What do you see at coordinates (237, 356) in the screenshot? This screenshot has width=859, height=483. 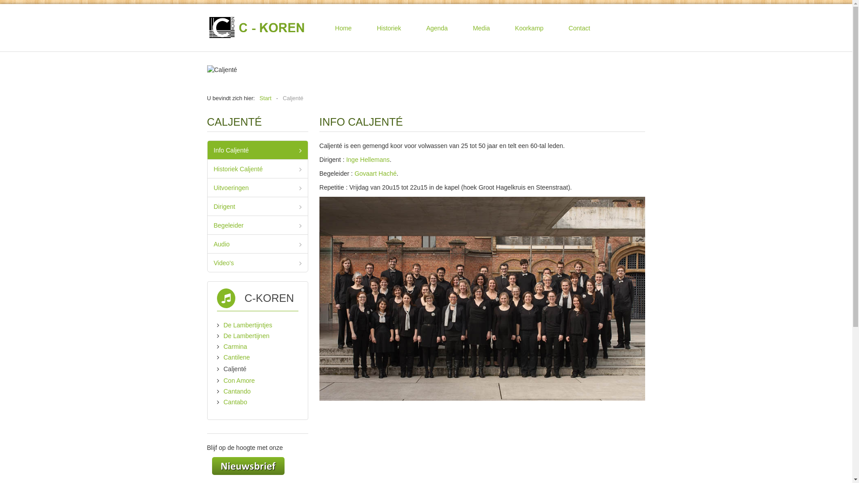 I see `'Cantilene'` at bounding box center [237, 356].